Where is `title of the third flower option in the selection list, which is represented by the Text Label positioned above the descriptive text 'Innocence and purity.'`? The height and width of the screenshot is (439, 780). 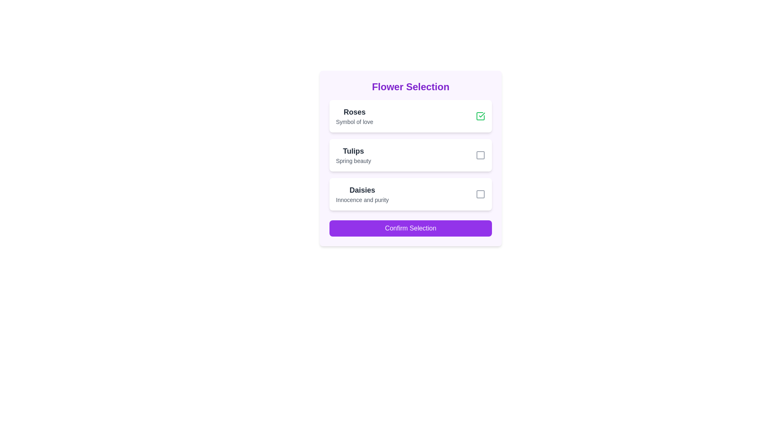 title of the third flower option in the selection list, which is represented by the Text Label positioned above the descriptive text 'Innocence and purity.' is located at coordinates (362, 190).